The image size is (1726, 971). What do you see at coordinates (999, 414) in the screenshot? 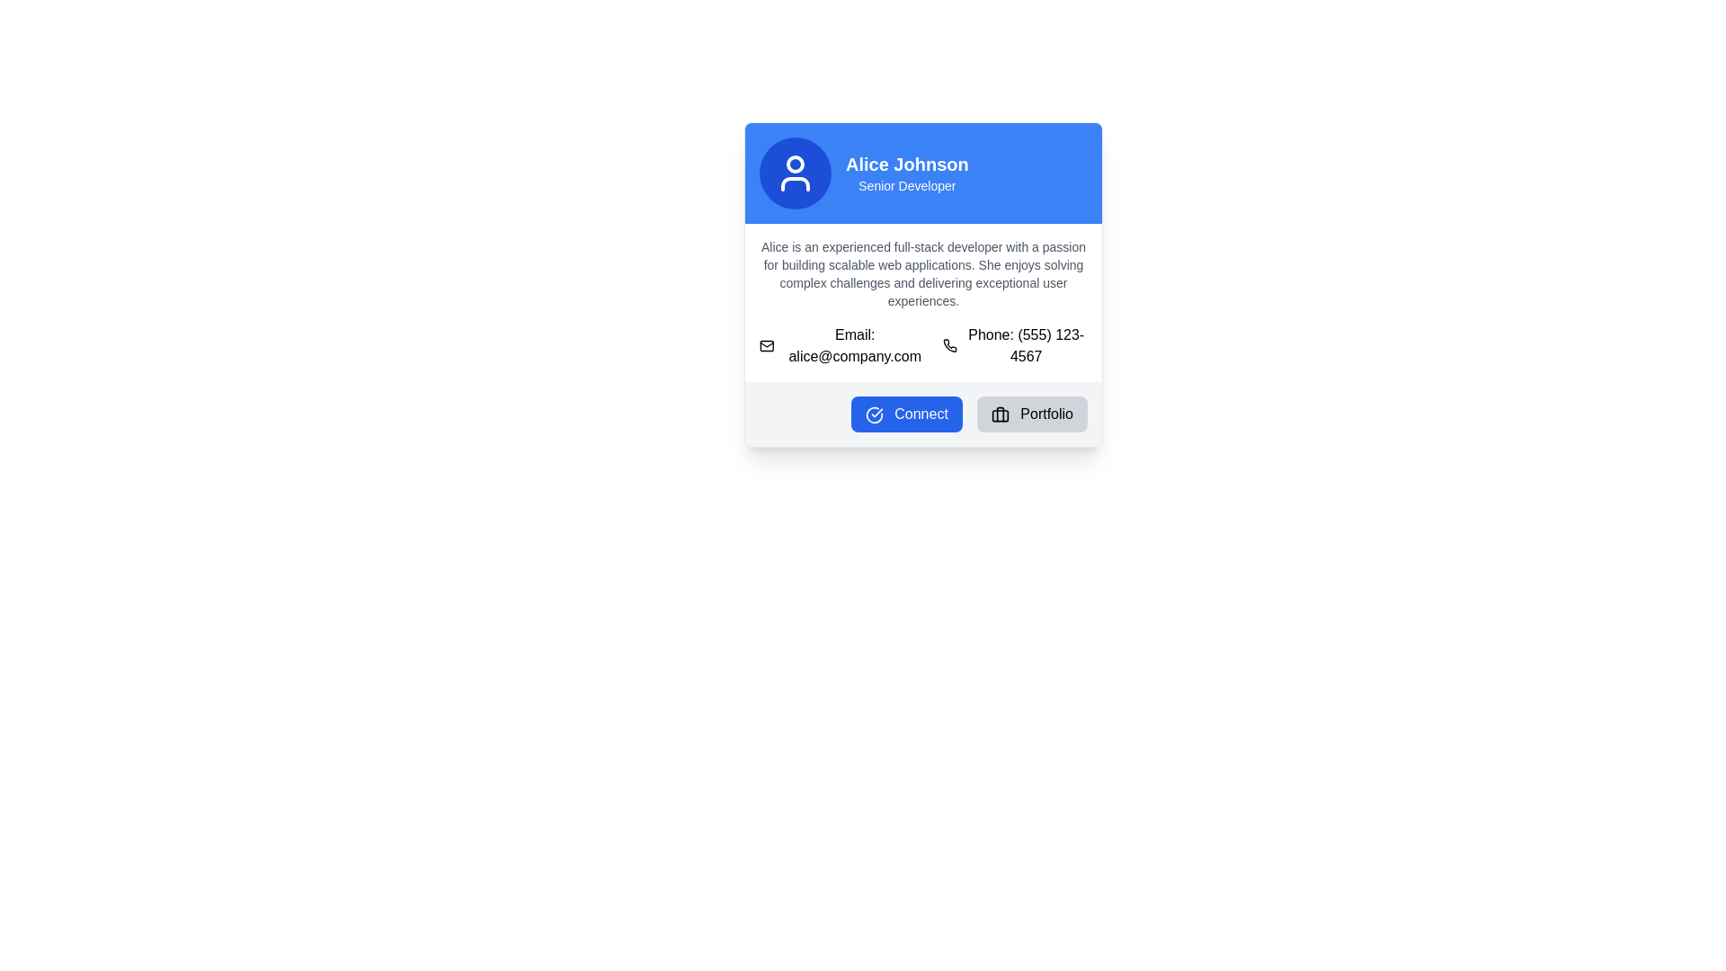
I see `the portfolio icon located adjacent to the text 'Portfolio' within the button in the bottom-right section of the user profile card` at bounding box center [999, 414].